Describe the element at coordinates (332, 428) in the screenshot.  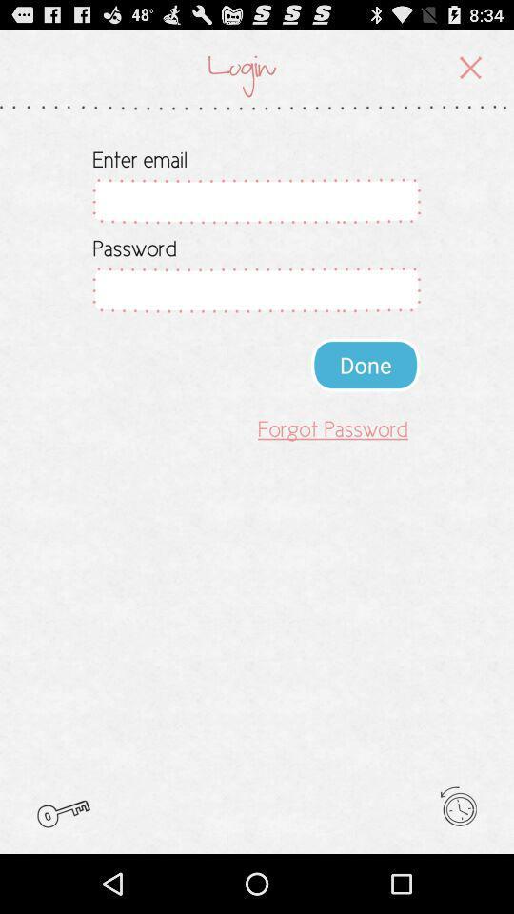
I see `icon below the done icon` at that location.